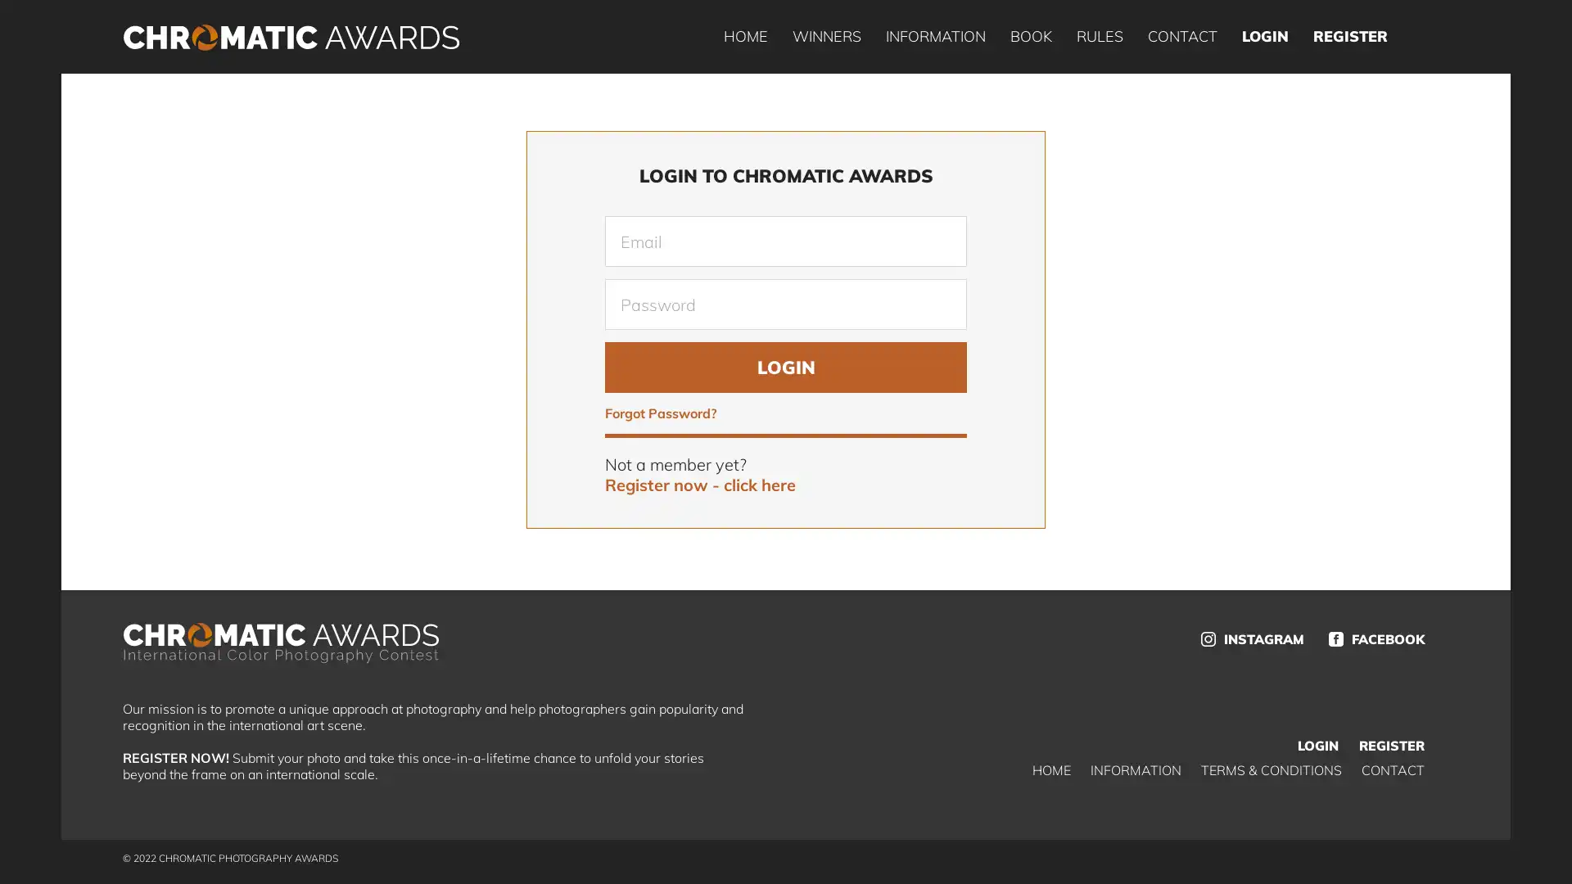  Describe the element at coordinates (786, 366) in the screenshot. I see `LOGIN` at that location.